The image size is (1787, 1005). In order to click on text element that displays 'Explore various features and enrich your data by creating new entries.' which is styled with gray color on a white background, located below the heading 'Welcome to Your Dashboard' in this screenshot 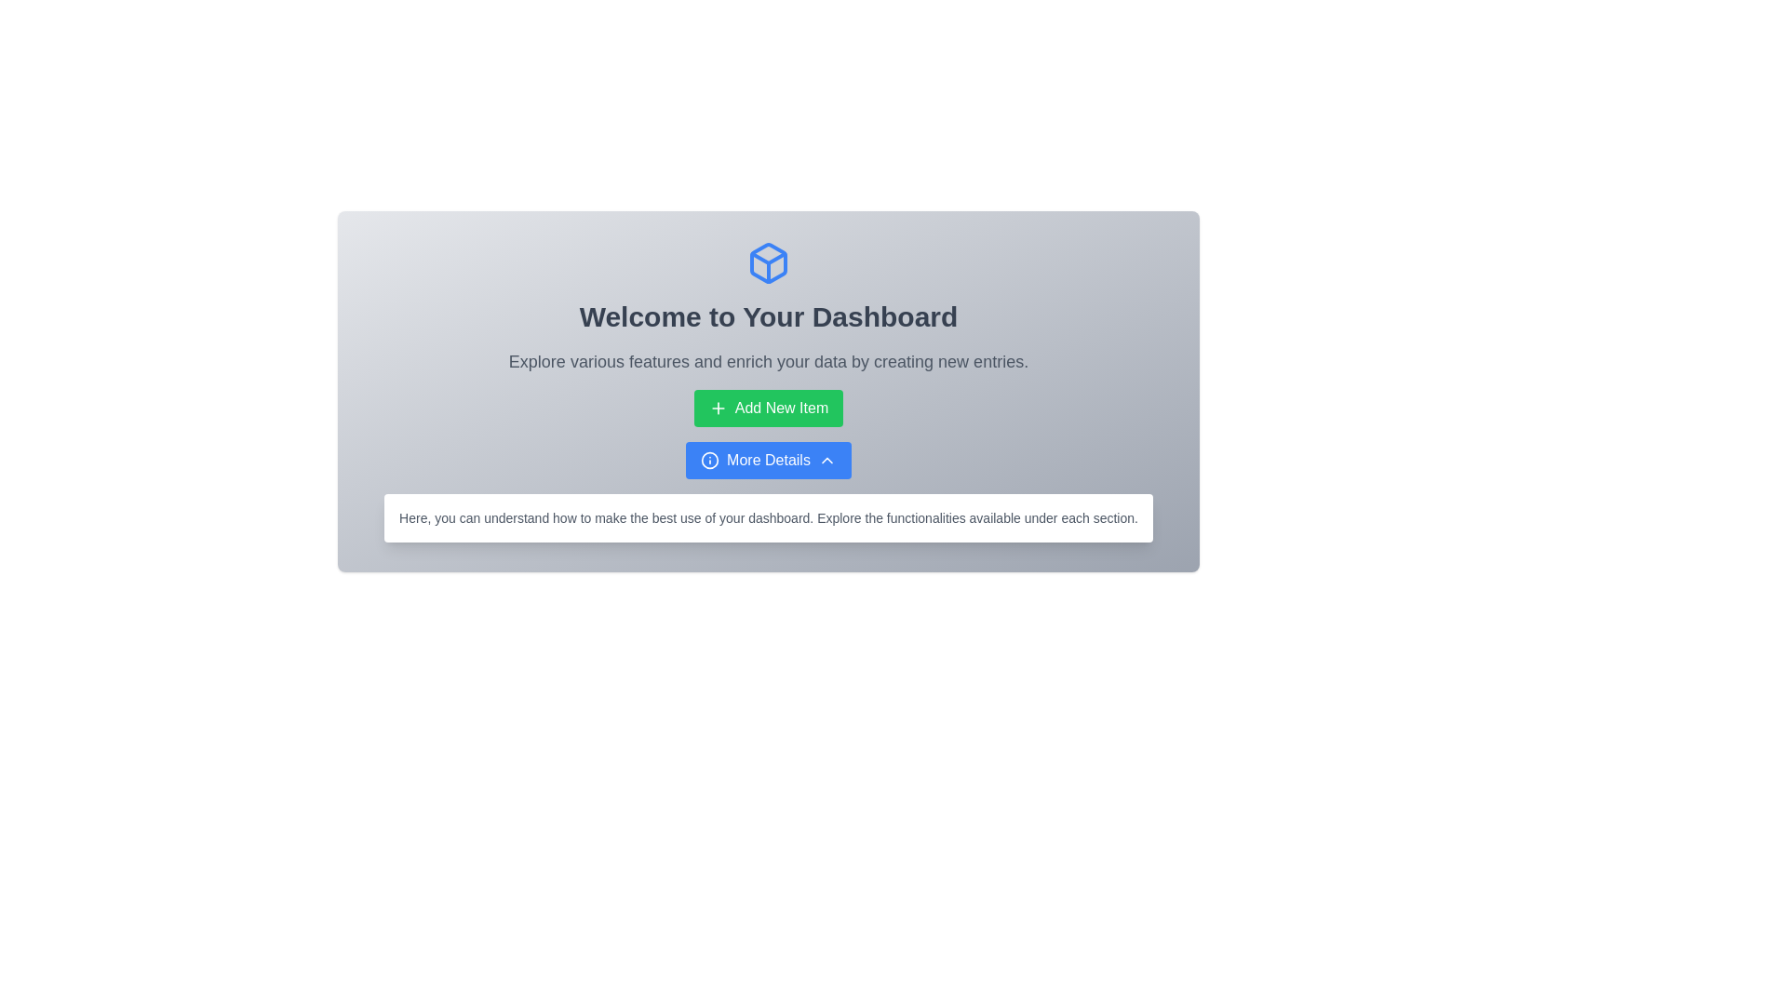, I will do `click(768, 362)`.